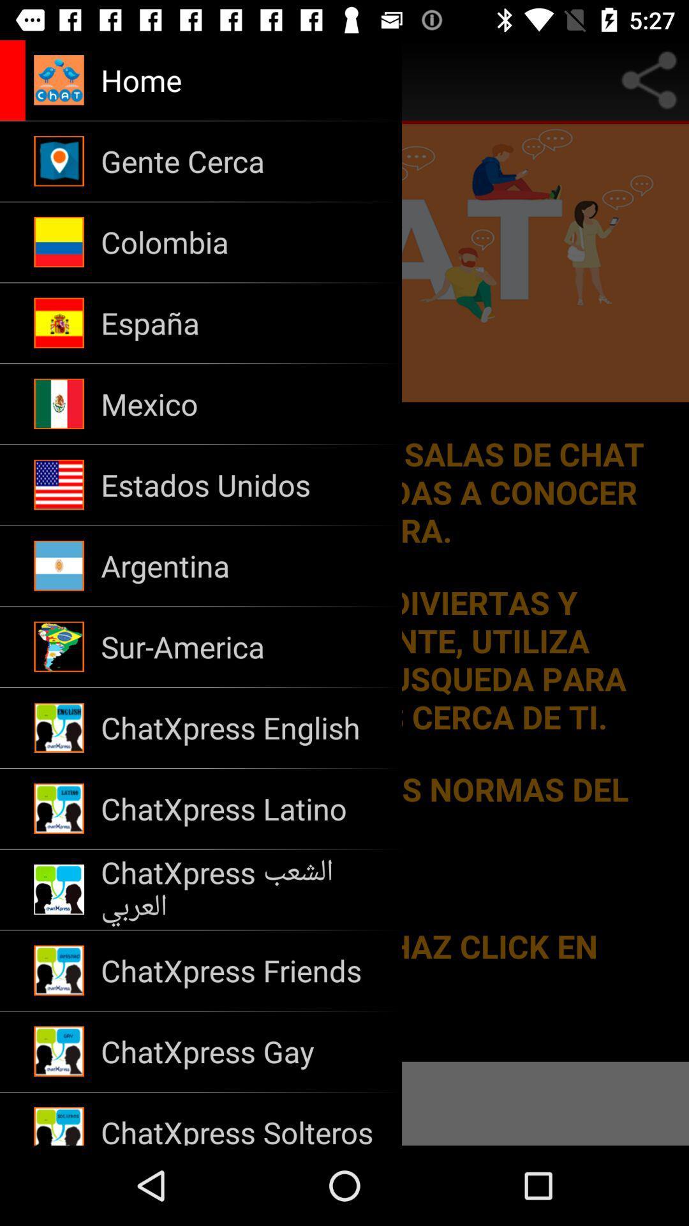 The image size is (689, 1226). Describe the element at coordinates (150, 79) in the screenshot. I see `button to go to the application home` at that location.